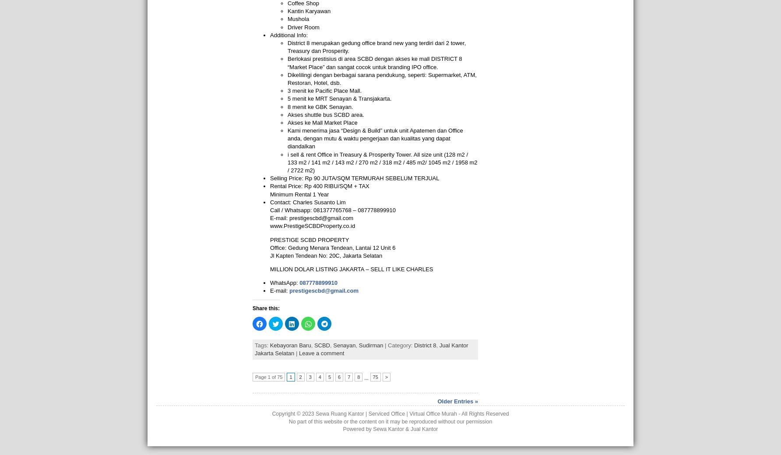 The height and width of the screenshot is (455, 781). I want to click on 'Leave a comment', so click(321, 353).